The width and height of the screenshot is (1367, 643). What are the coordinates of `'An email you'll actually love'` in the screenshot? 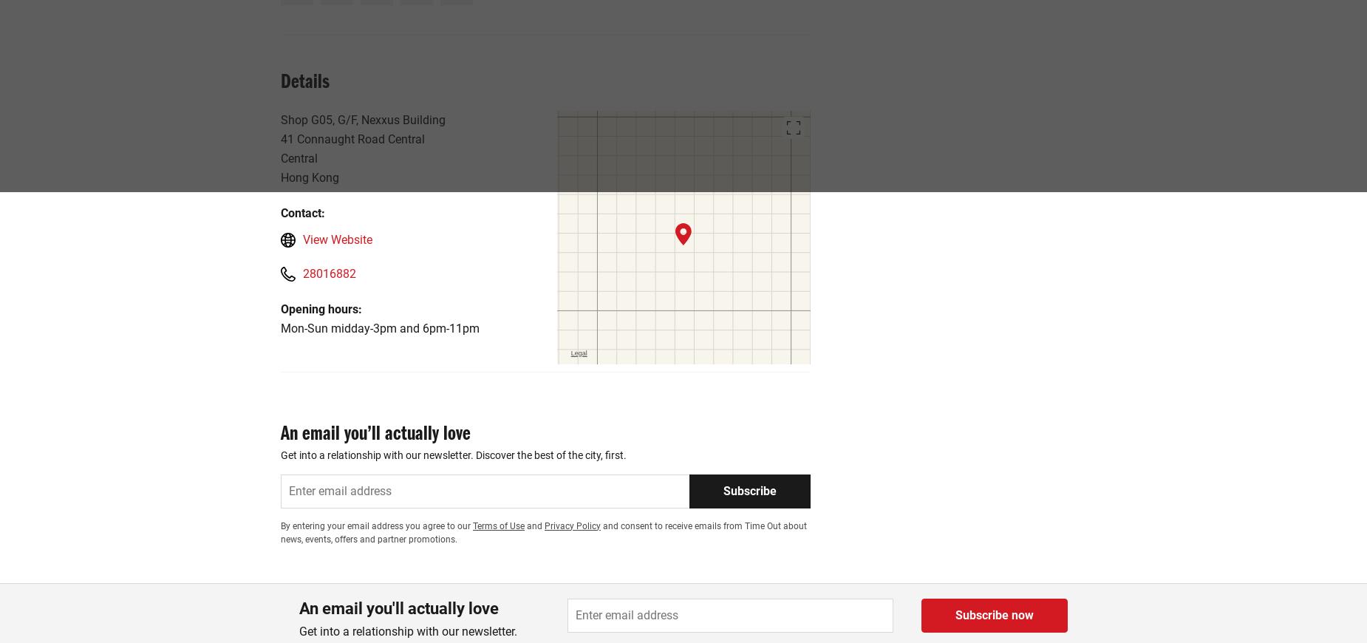 It's located at (399, 608).